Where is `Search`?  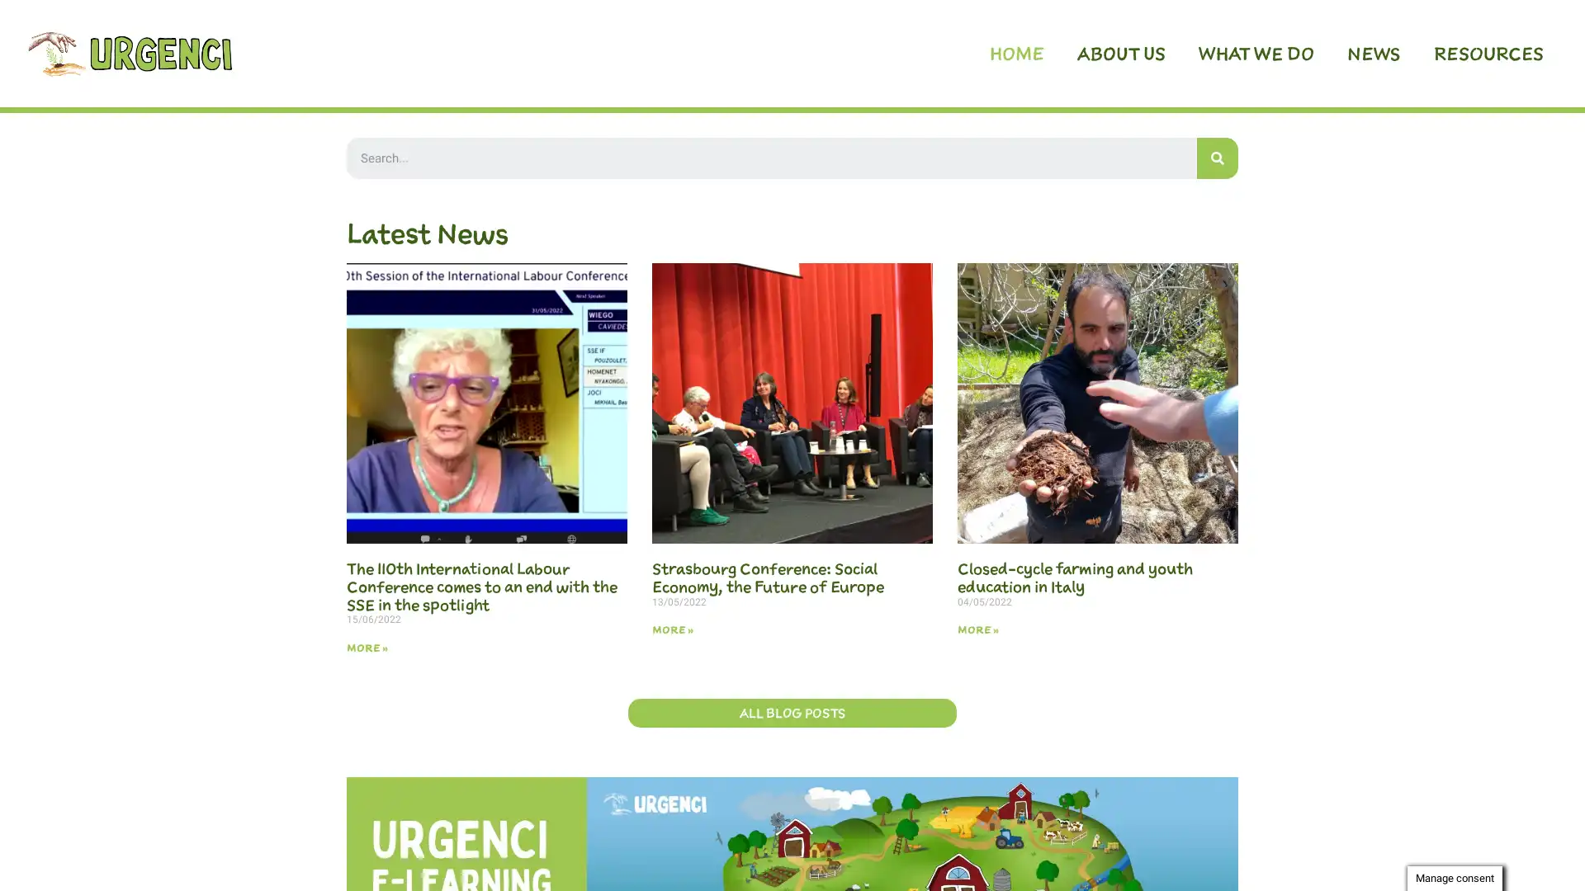
Search is located at coordinates (1217, 158).